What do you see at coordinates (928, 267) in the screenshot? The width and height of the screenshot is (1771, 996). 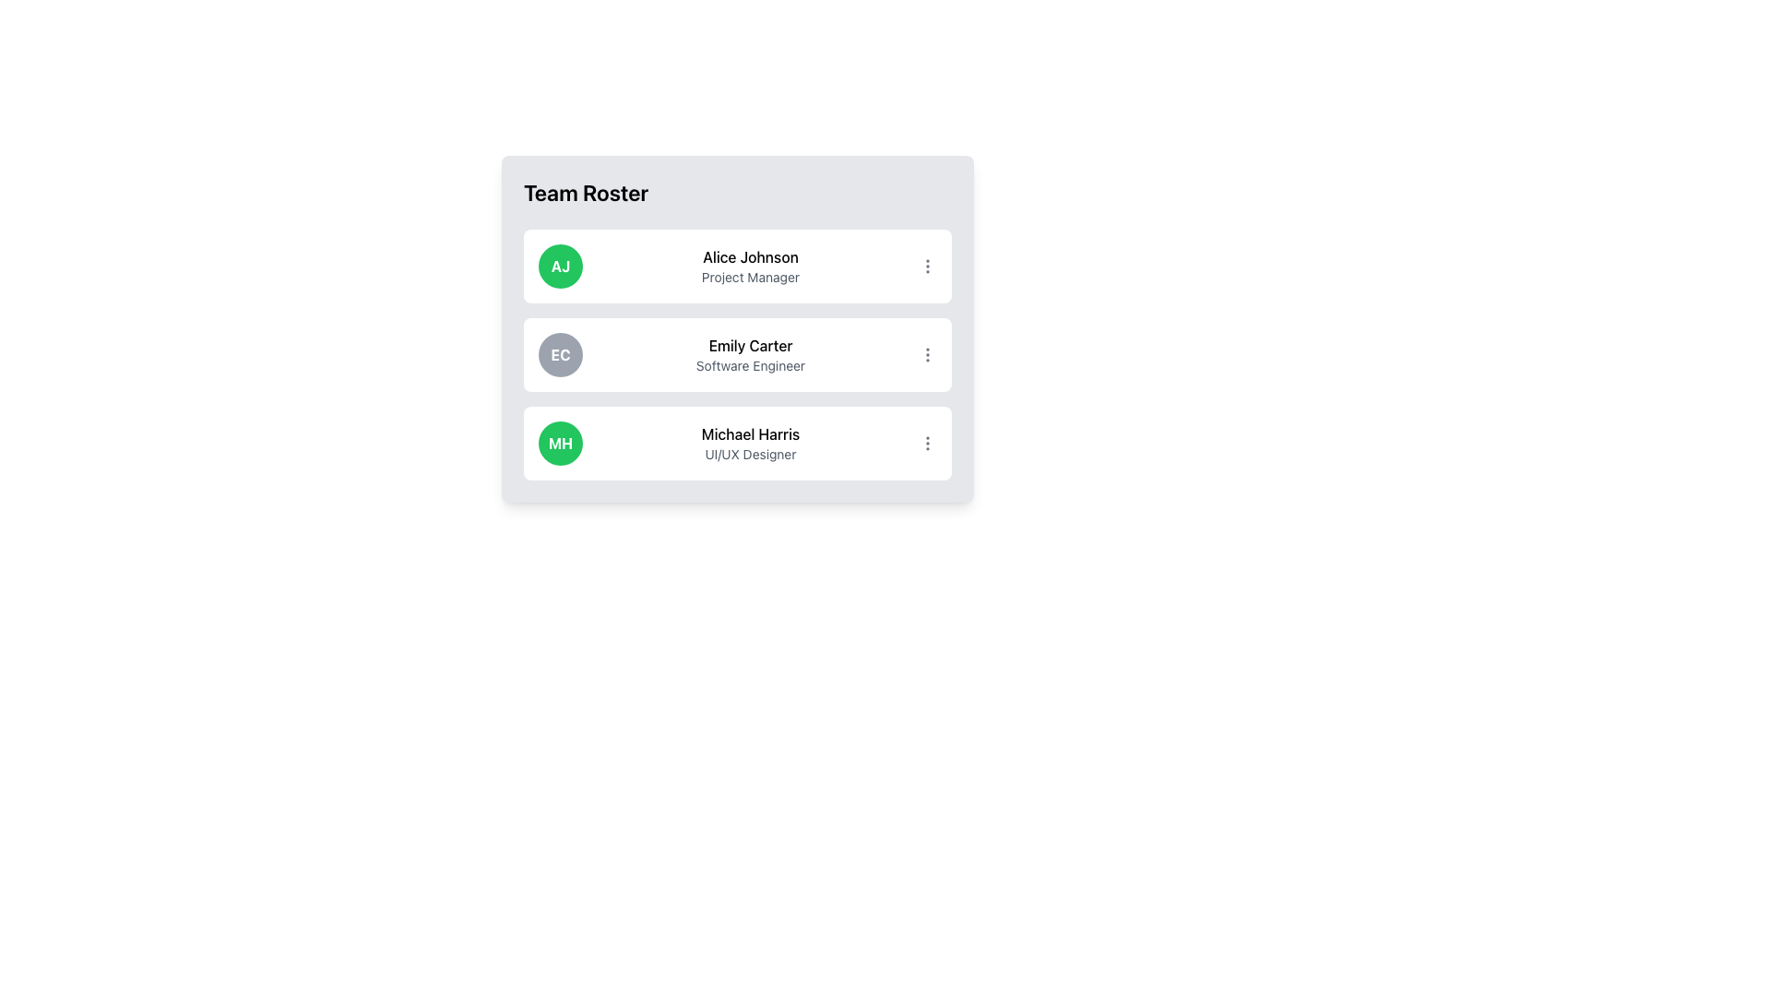 I see `the overflow/menu button located next to 'Alice Johnson'` at bounding box center [928, 267].